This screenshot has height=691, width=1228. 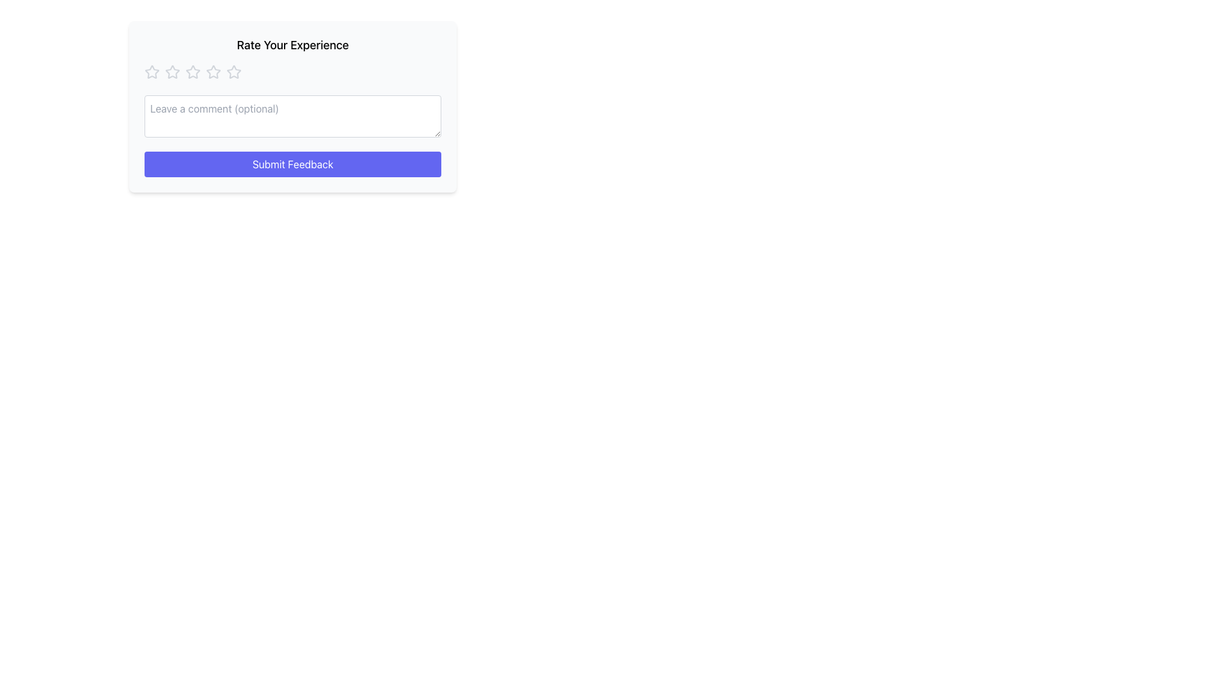 What do you see at coordinates (292, 44) in the screenshot?
I see `the 'Rate Your Experience' text label, which is displayed in bold font at the top of a card-style interface` at bounding box center [292, 44].